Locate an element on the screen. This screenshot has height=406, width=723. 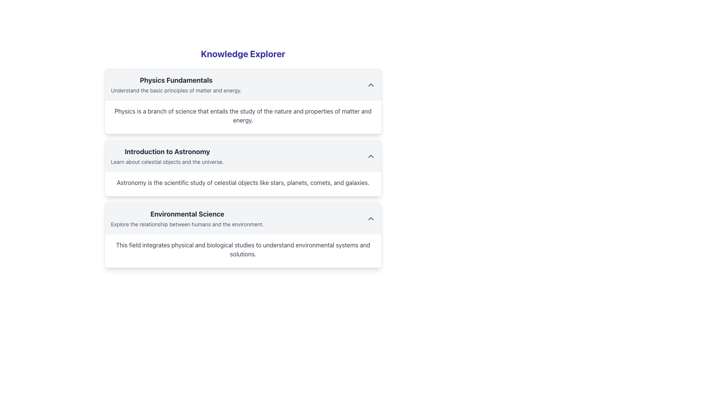
the bold text element that reads 'Introduction to Astronomy', which is styled as a title or header and is located centrally in the second card of a vertical stack is located at coordinates (167, 152).